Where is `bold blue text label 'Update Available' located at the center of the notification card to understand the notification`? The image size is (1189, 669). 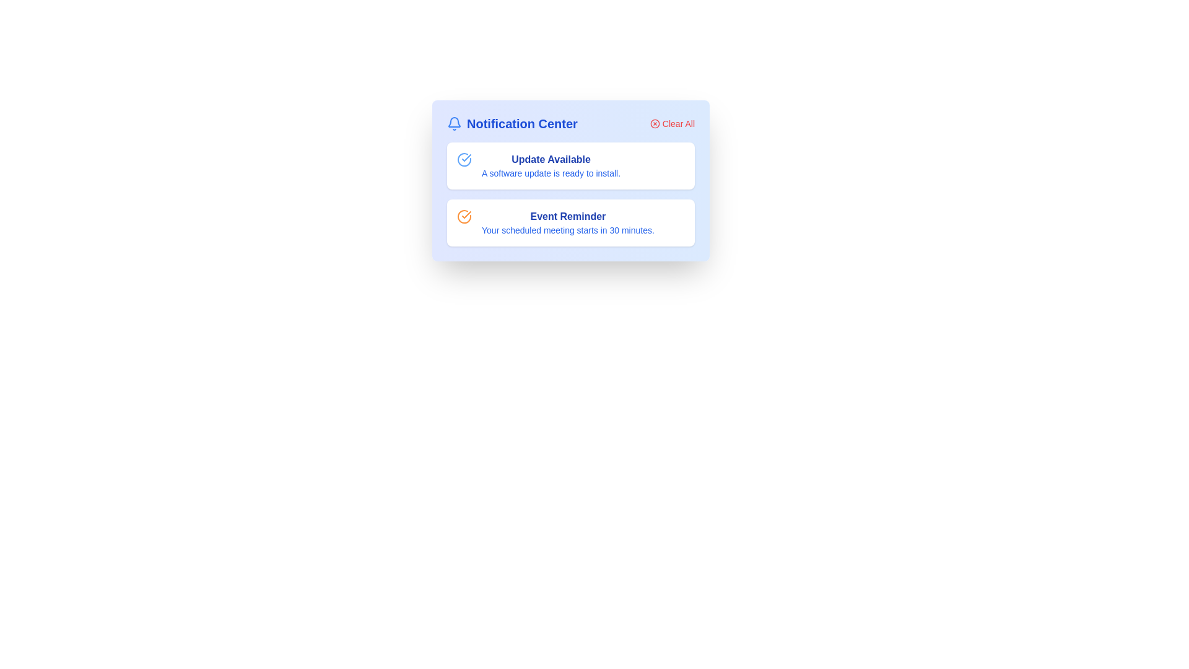
bold blue text label 'Update Available' located at the center of the notification card to understand the notification is located at coordinates (551, 159).